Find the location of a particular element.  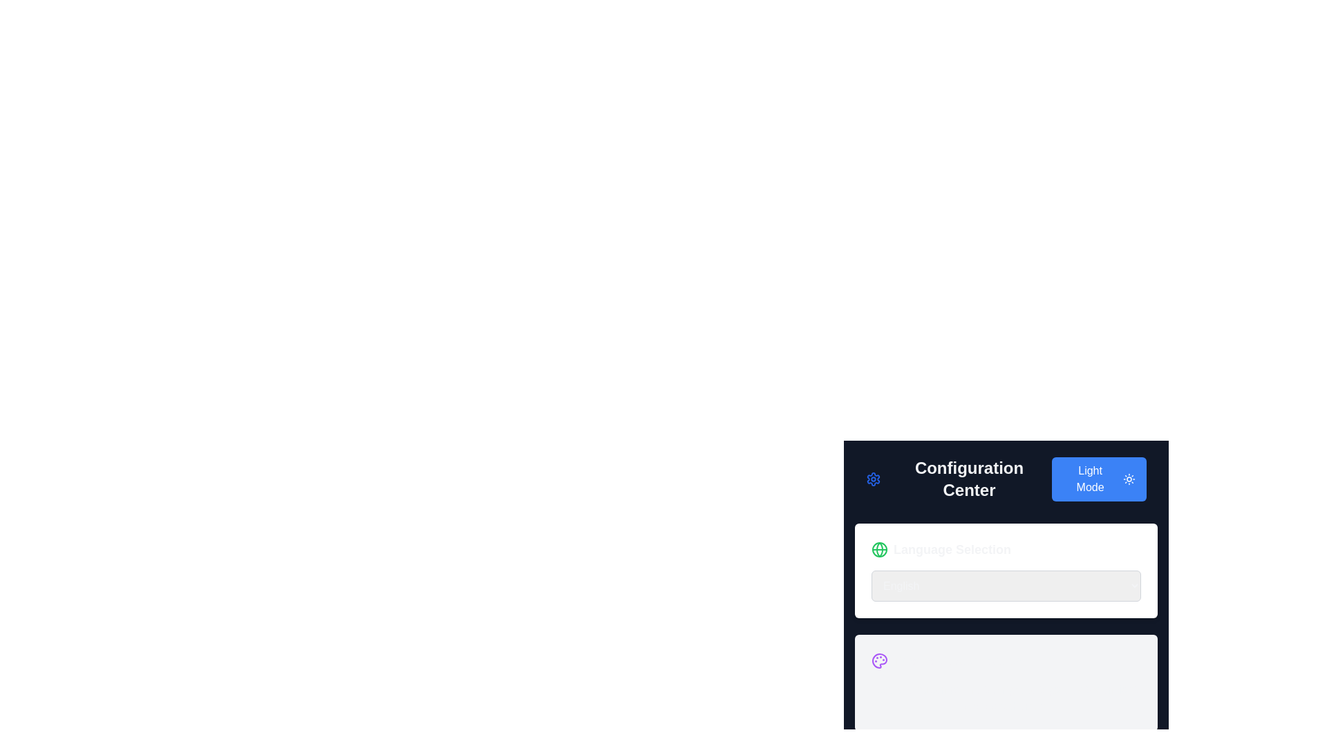

the gear-shaped icon with a blue outline located to the left of the 'Configuration Center' text in the top-left corner of the user interface is located at coordinates (872, 479).